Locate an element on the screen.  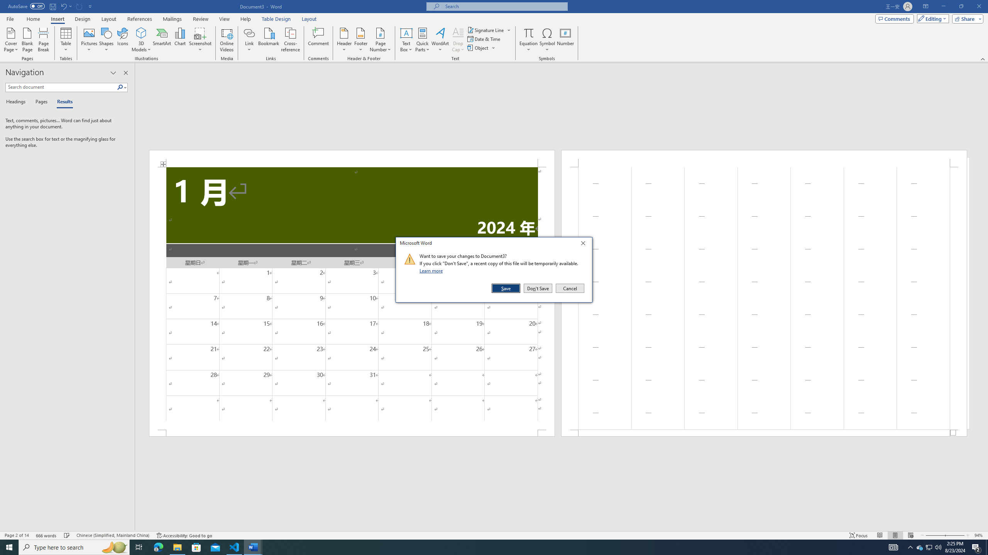
'Chart...' is located at coordinates (180, 40).